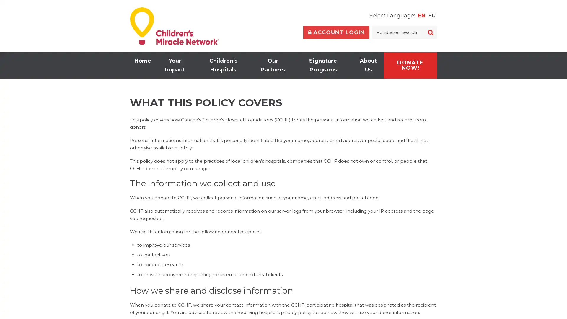  What do you see at coordinates (430, 32) in the screenshot?
I see `SEARCH` at bounding box center [430, 32].